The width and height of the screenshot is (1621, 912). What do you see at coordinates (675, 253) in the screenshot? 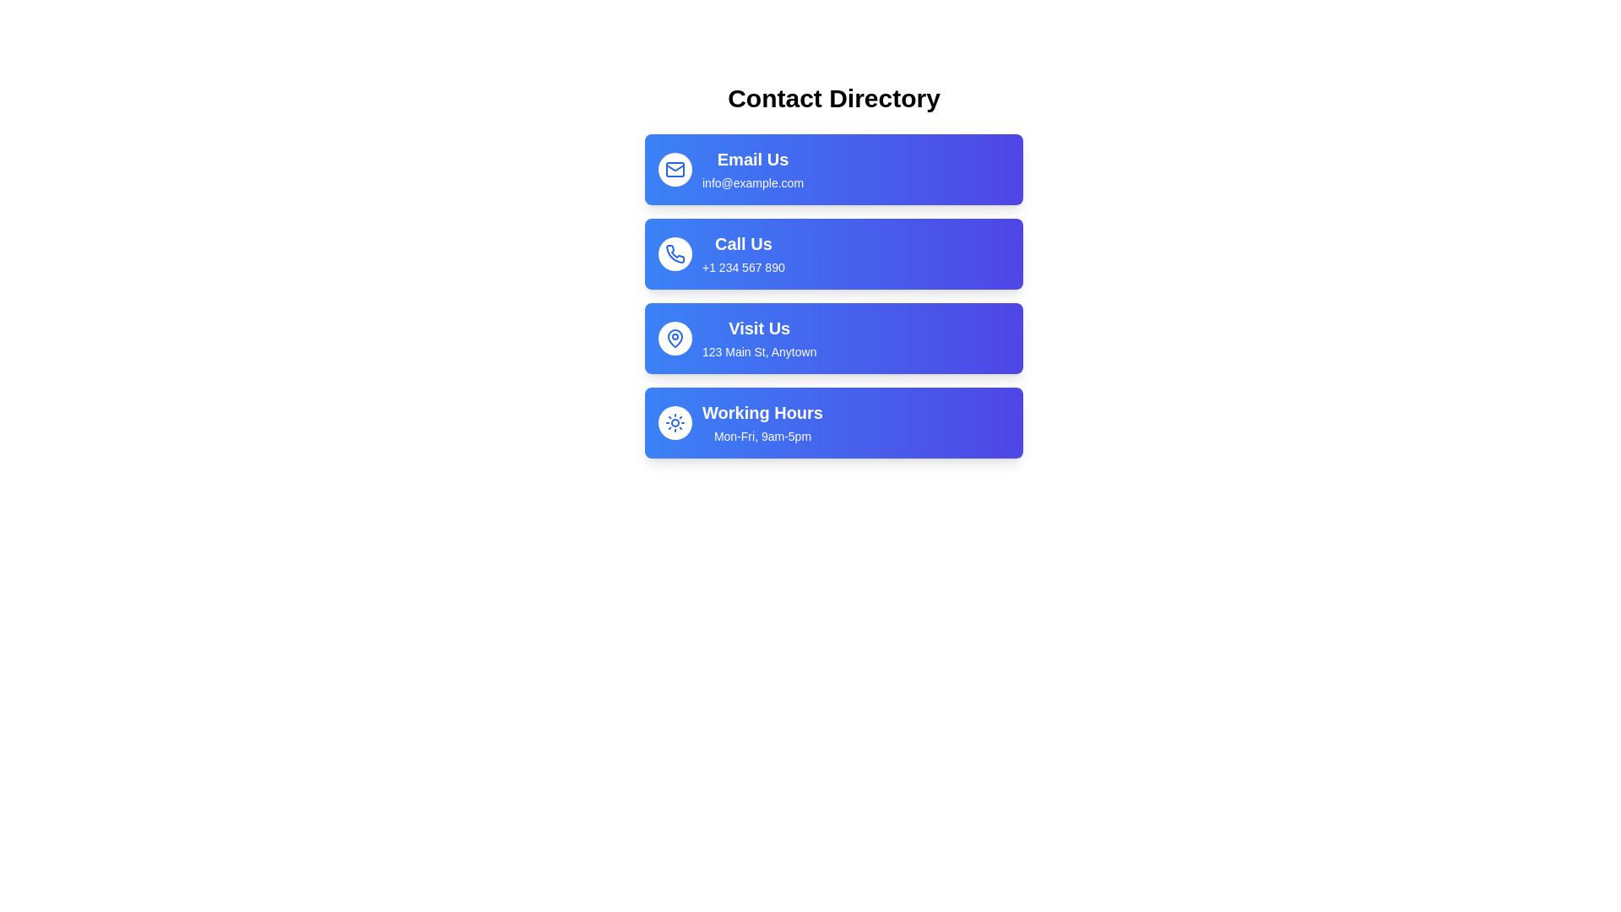
I see `the phone icon with a blue outline located inside a circular white background, which is the second option in a vertically stacked contact directory` at bounding box center [675, 253].